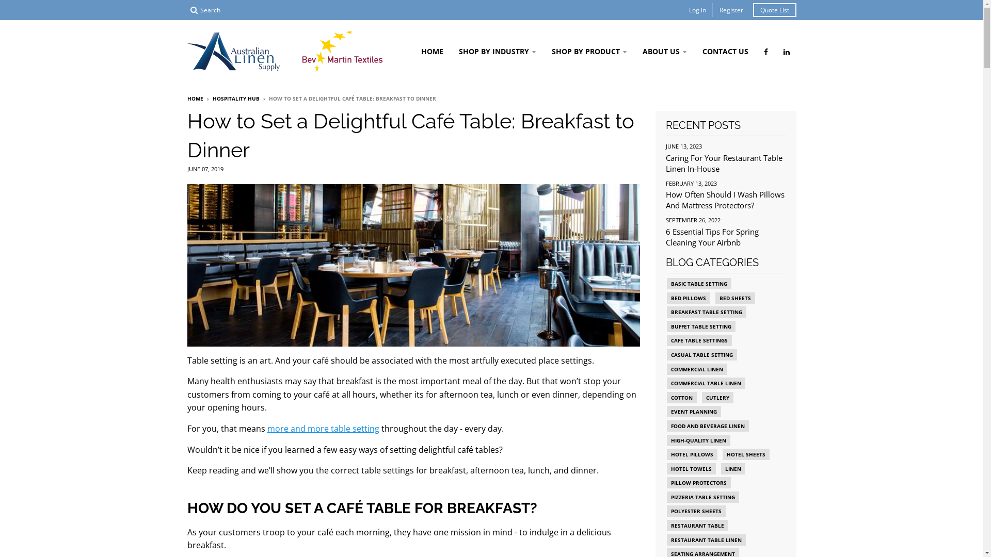  What do you see at coordinates (774, 10) in the screenshot?
I see `'Quote List'` at bounding box center [774, 10].